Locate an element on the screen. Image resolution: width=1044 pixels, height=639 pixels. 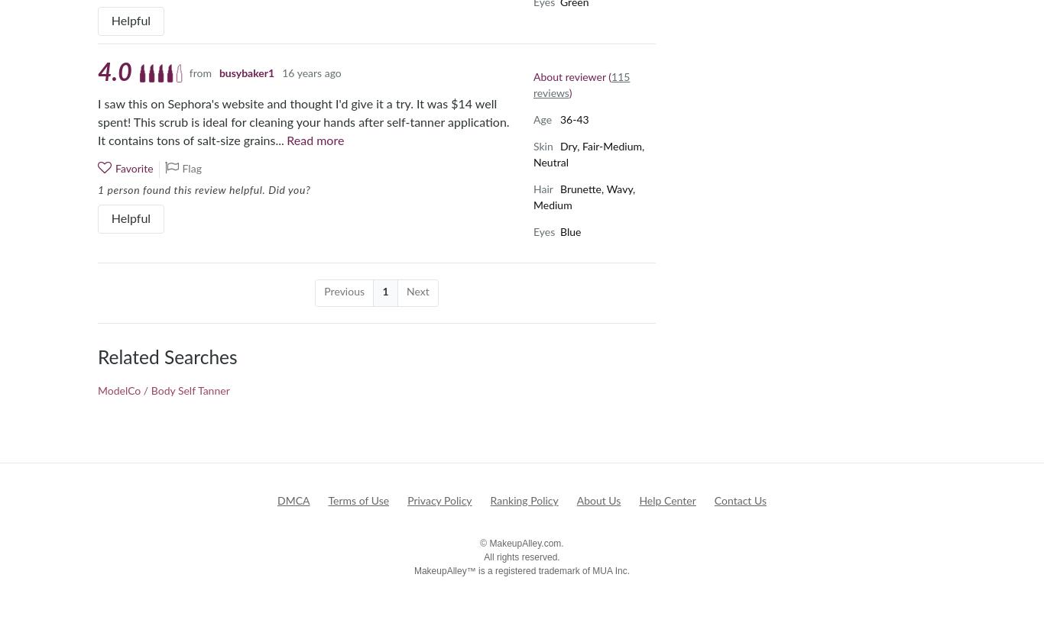
'Age' is located at coordinates (533, 119).